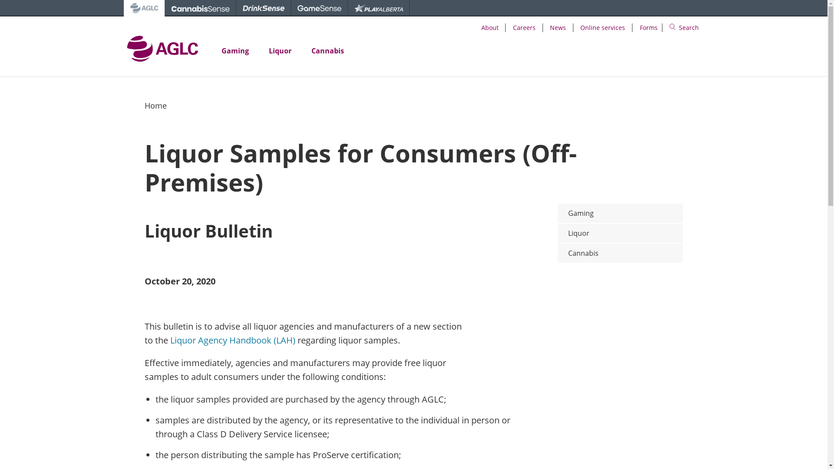  What do you see at coordinates (619, 232) in the screenshot?
I see `'Liquor'` at bounding box center [619, 232].